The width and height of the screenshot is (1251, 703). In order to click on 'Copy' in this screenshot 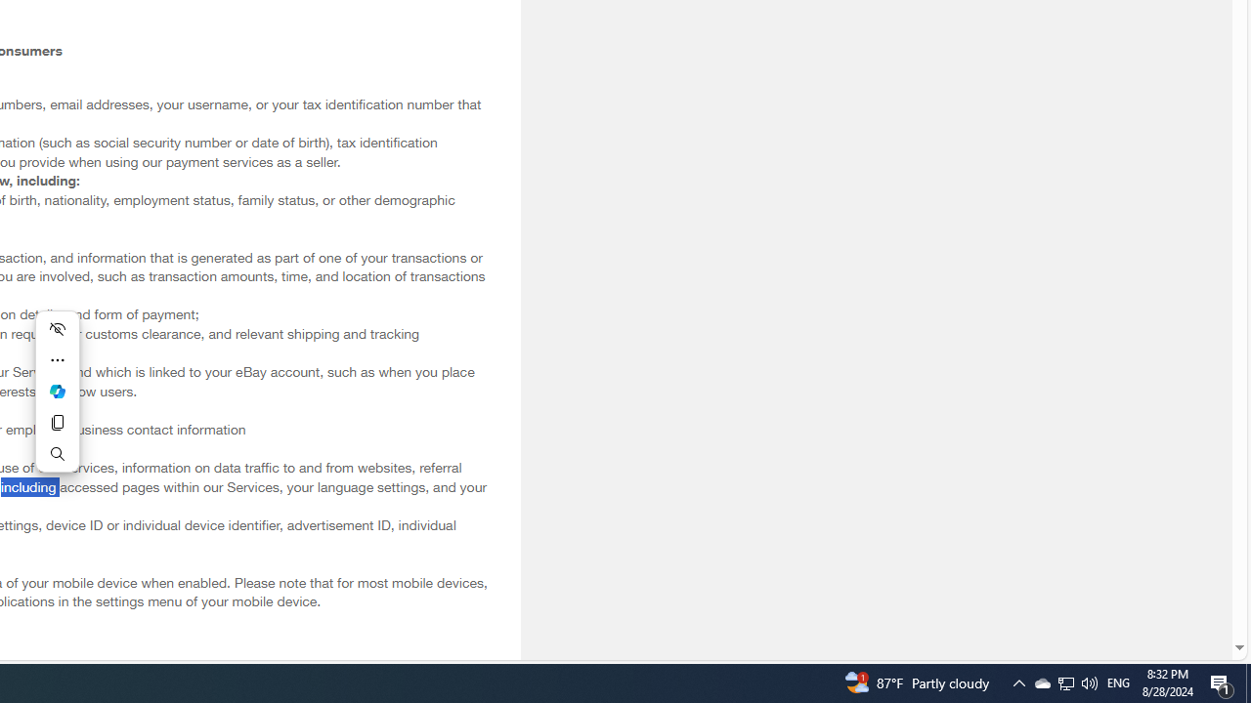, I will do `click(57, 422)`.